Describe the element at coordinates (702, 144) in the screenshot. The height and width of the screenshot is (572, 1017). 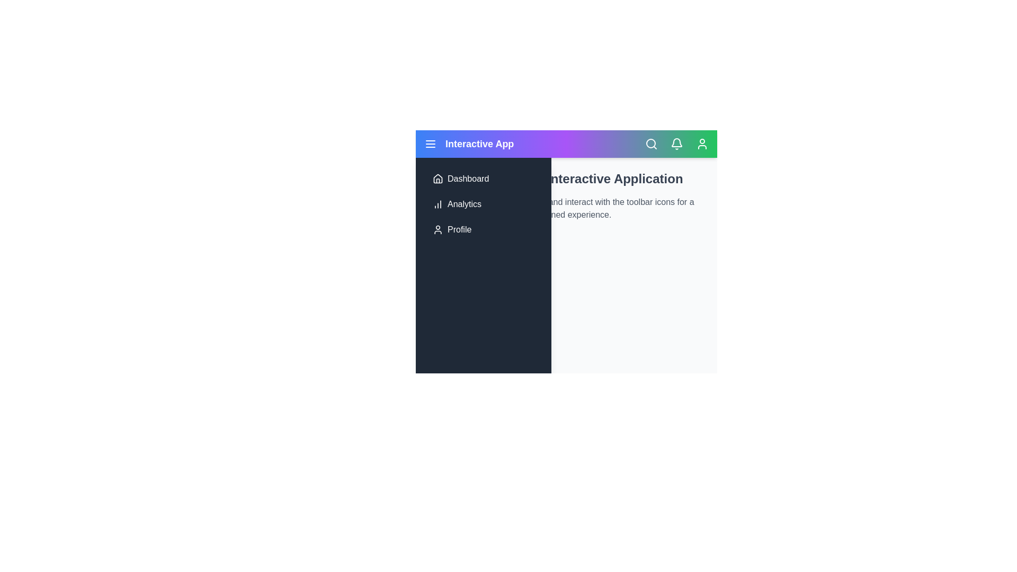
I see `the toolbar icon User` at that location.